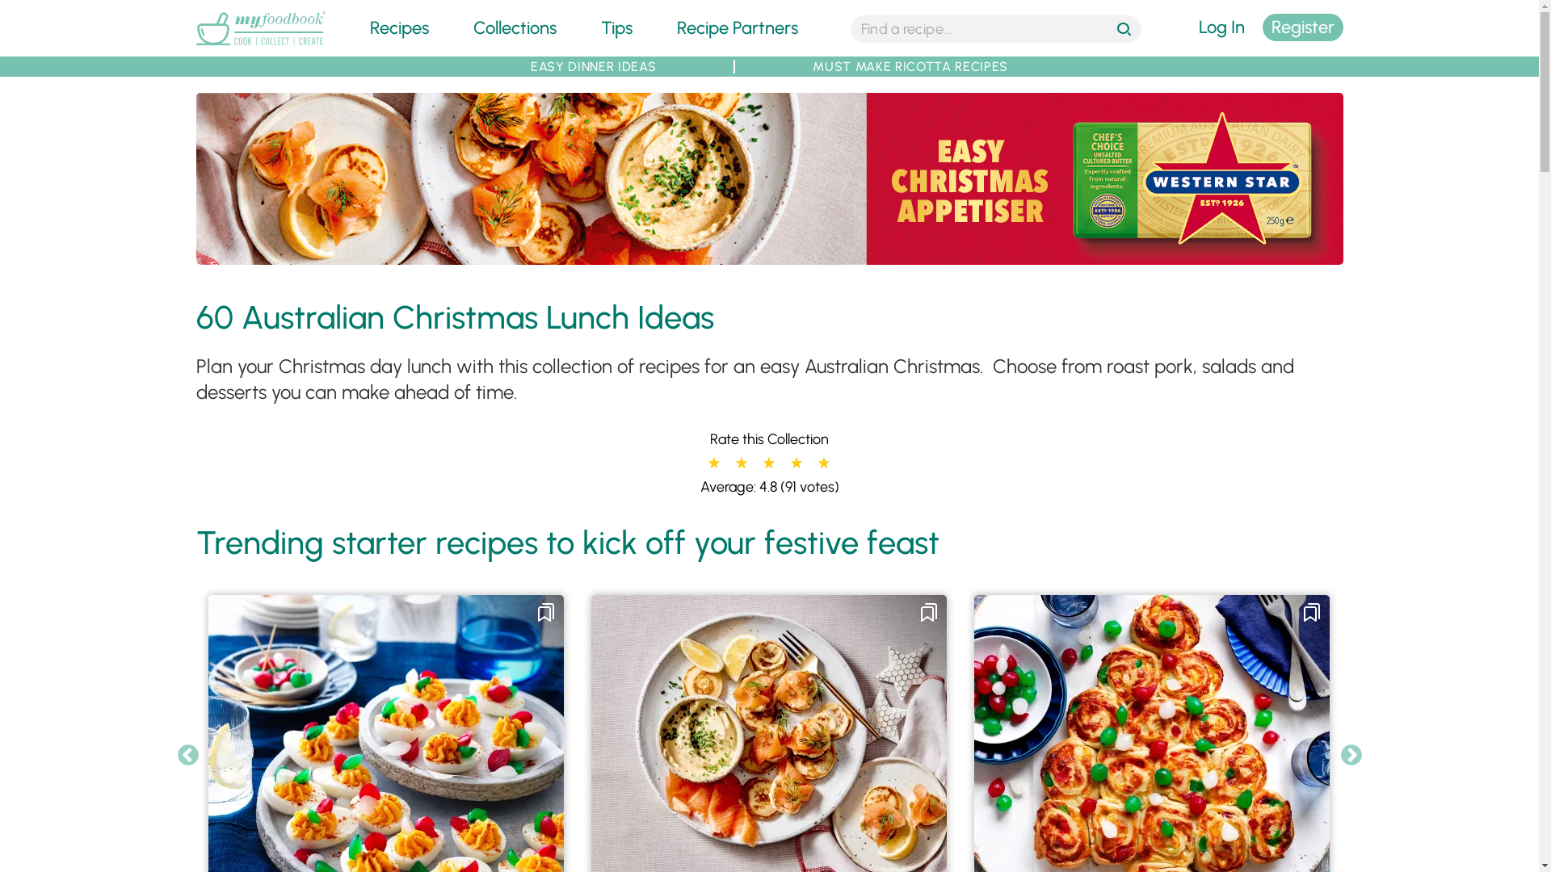 The width and height of the screenshot is (1551, 872). Describe the element at coordinates (736, 27) in the screenshot. I see `'Recipe Partners'` at that location.